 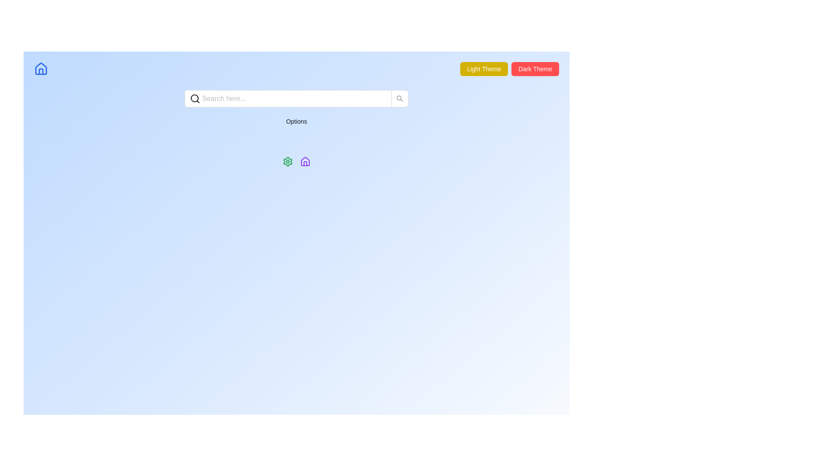 I want to click on the circular search button with a magnifying glass icon at the far right of the search bar, so click(x=399, y=98).